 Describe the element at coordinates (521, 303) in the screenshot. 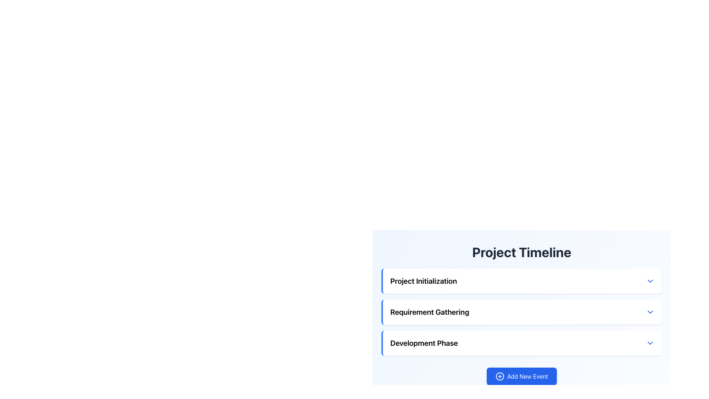

I see `the 'Requirement Gathering' collapsible menu option located under the 'Project Timeline' section` at that location.